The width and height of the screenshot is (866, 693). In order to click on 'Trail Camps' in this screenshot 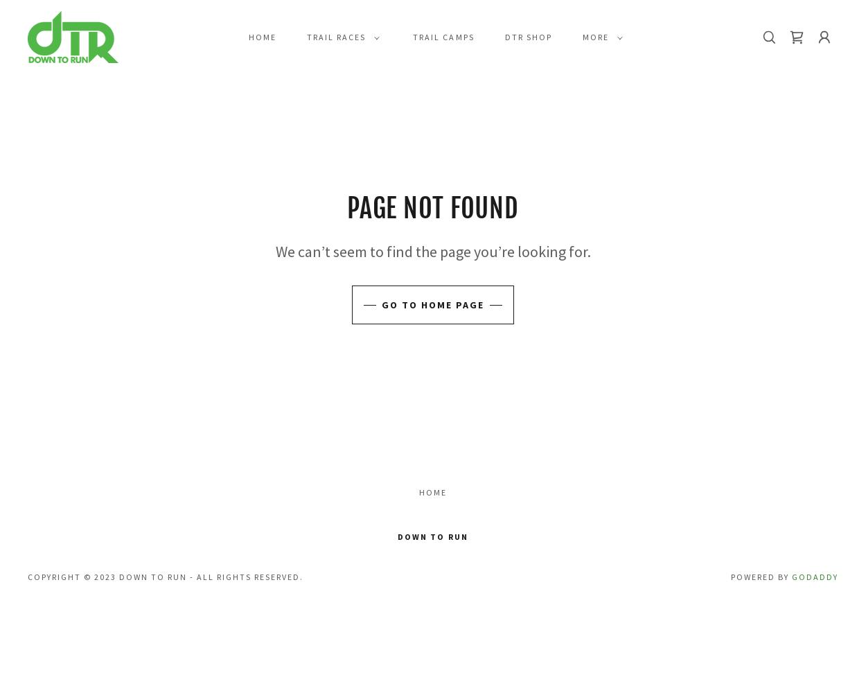, I will do `click(412, 36)`.